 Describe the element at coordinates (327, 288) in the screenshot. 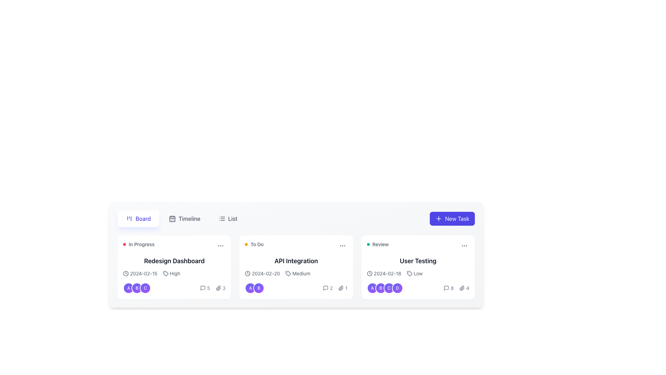

I see `the speech bubble icon displaying the number '2' in the 'API Integration' card` at that location.